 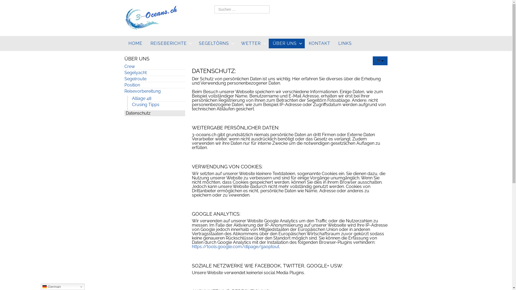 What do you see at coordinates (158, 104) in the screenshot?
I see `'Crusing Tipps'` at bounding box center [158, 104].